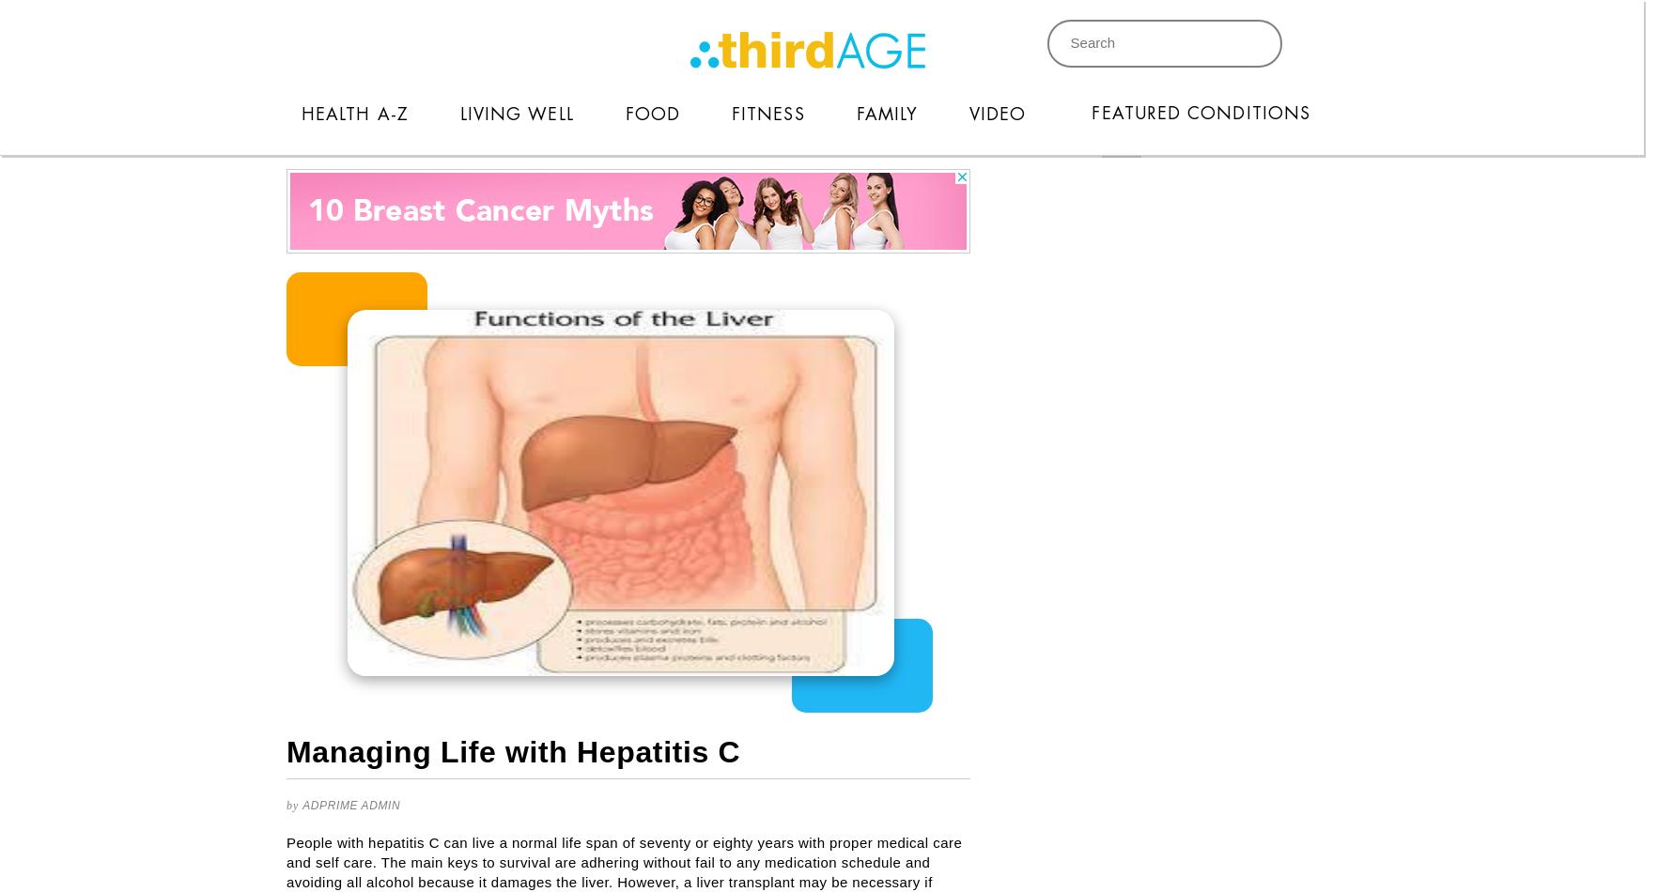 The height and width of the screenshot is (892, 1658). Describe the element at coordinates (886, 114) in the screenshot. I see `'Family'` at that location.